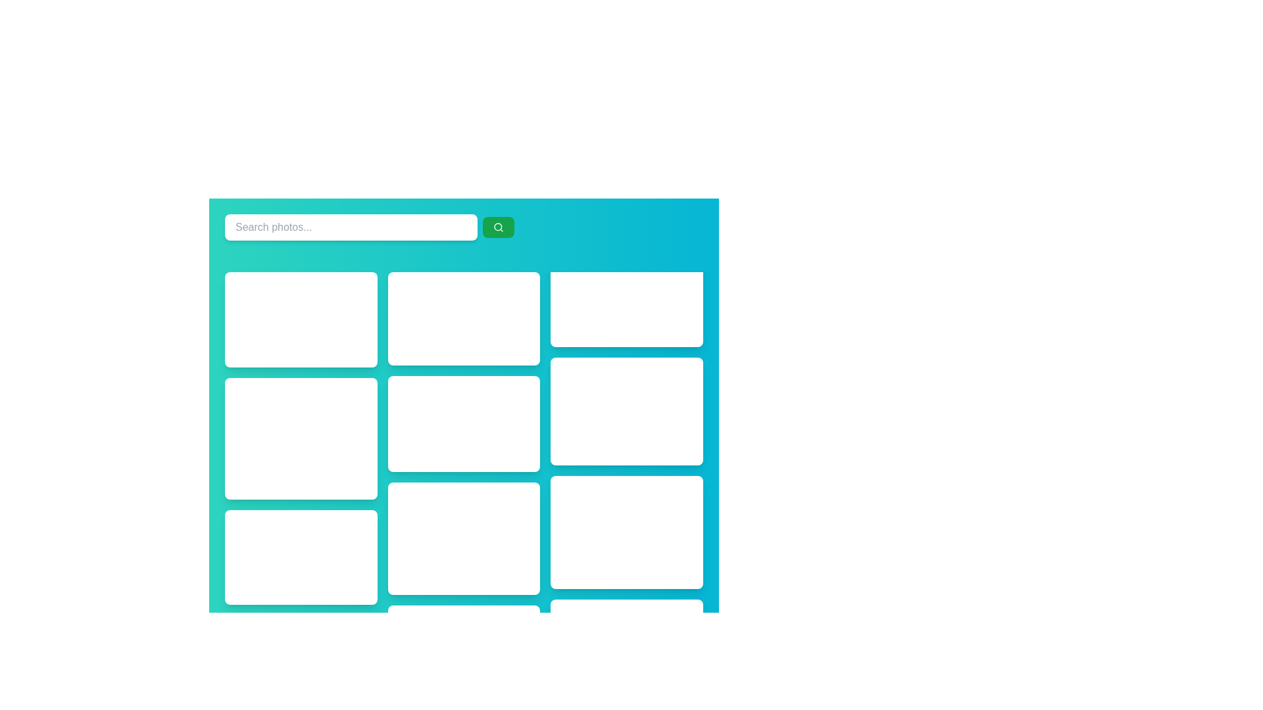 Image resolution: width=1263 pixels, height=710 pixels. I want to click on the magnifying glass icon, which is a white stroke-style search symbol located in the center of a green button to the right of an input field in the header section, to initiate a search, so click(498, 227).